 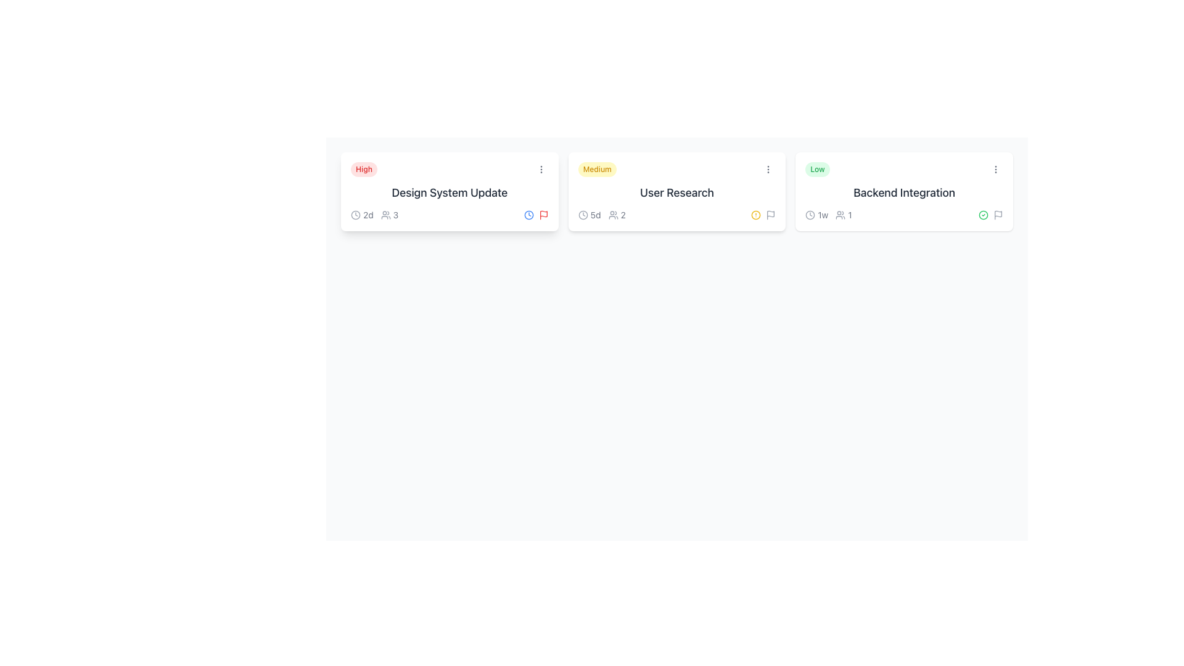 What do you see at coordinates (998, 214) in the screenshot?
I see `the third flag icon in the footer section of the card titled 'Backend Integration'` at bounding box center [998, 214].